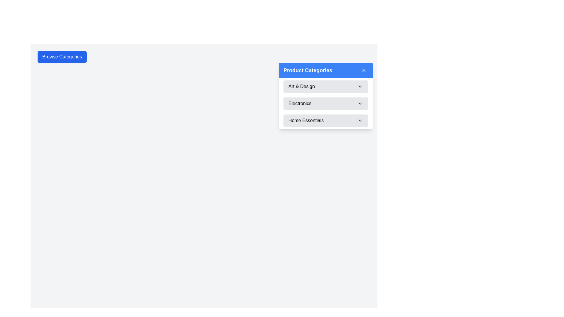 This screenshot has width=564, height=317. What do you see at coordinates (363, 70) in the screenshot?
I see `the diagonal cross (X) icon located in the top-right corner of the blue header section of the 'Product Categories' card` at bounding box center [363, 70].